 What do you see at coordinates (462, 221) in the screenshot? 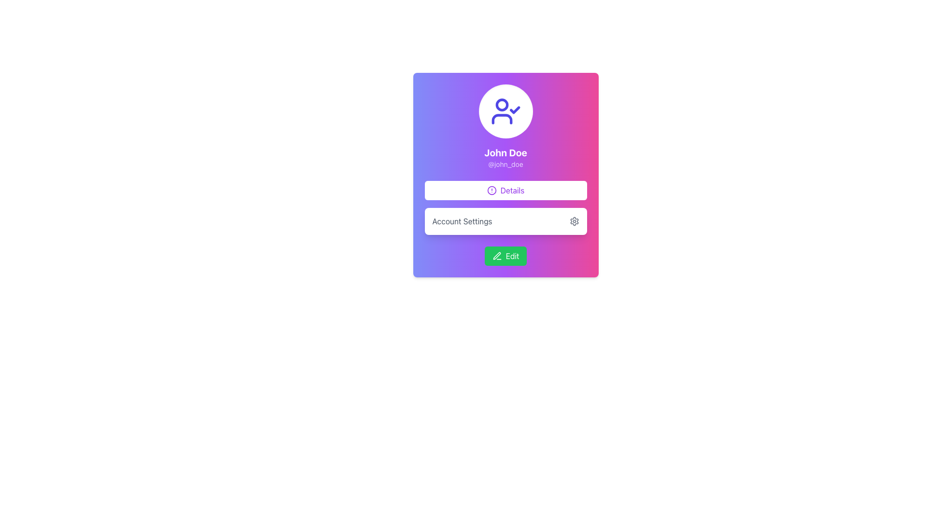
I see `'Account Settings' text label located in the lower section of the user profile card, positioned above the 'Edit' button and adjacent to the gear icon` at bounding box center [462, 221].